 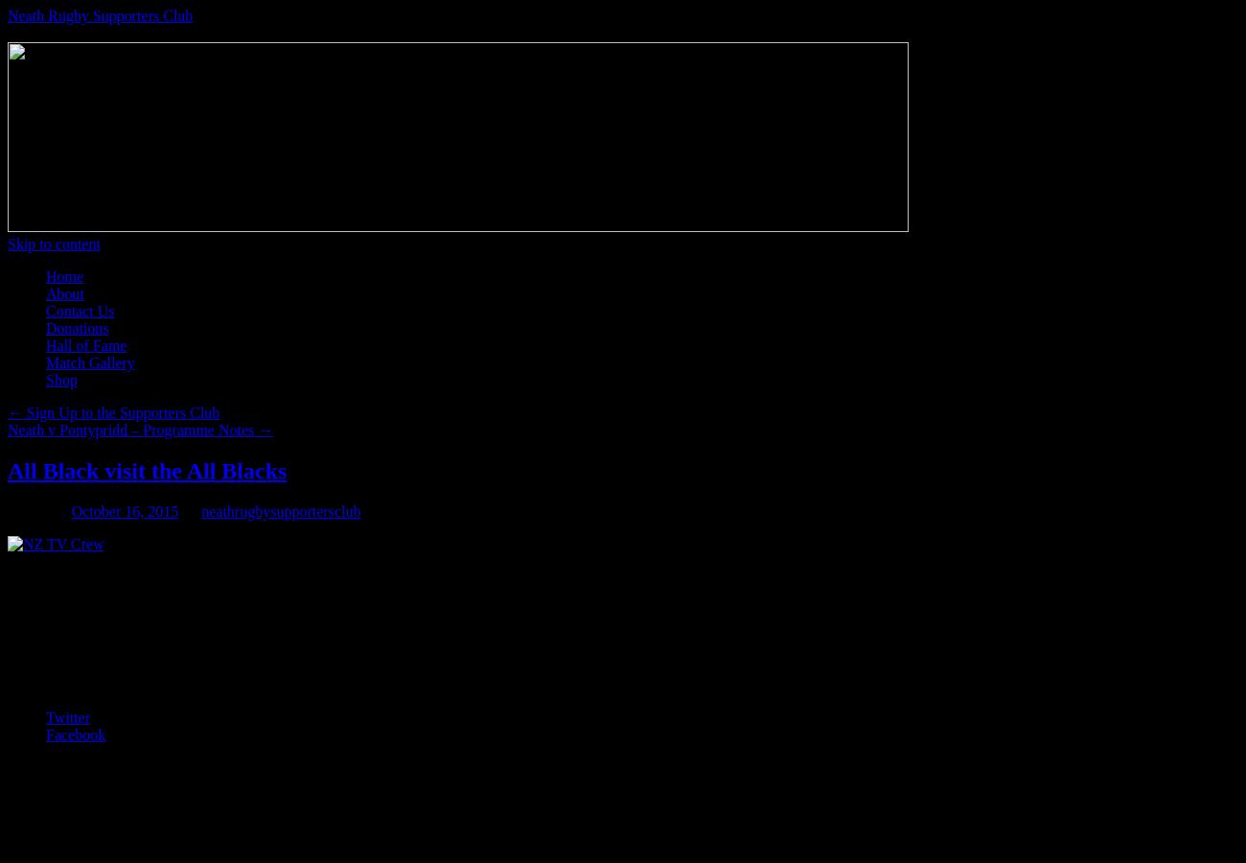 What do you see at coordinates (80, 310) in the screenshot?
I see `'Contact Us'` at bounding box center [80, 310].